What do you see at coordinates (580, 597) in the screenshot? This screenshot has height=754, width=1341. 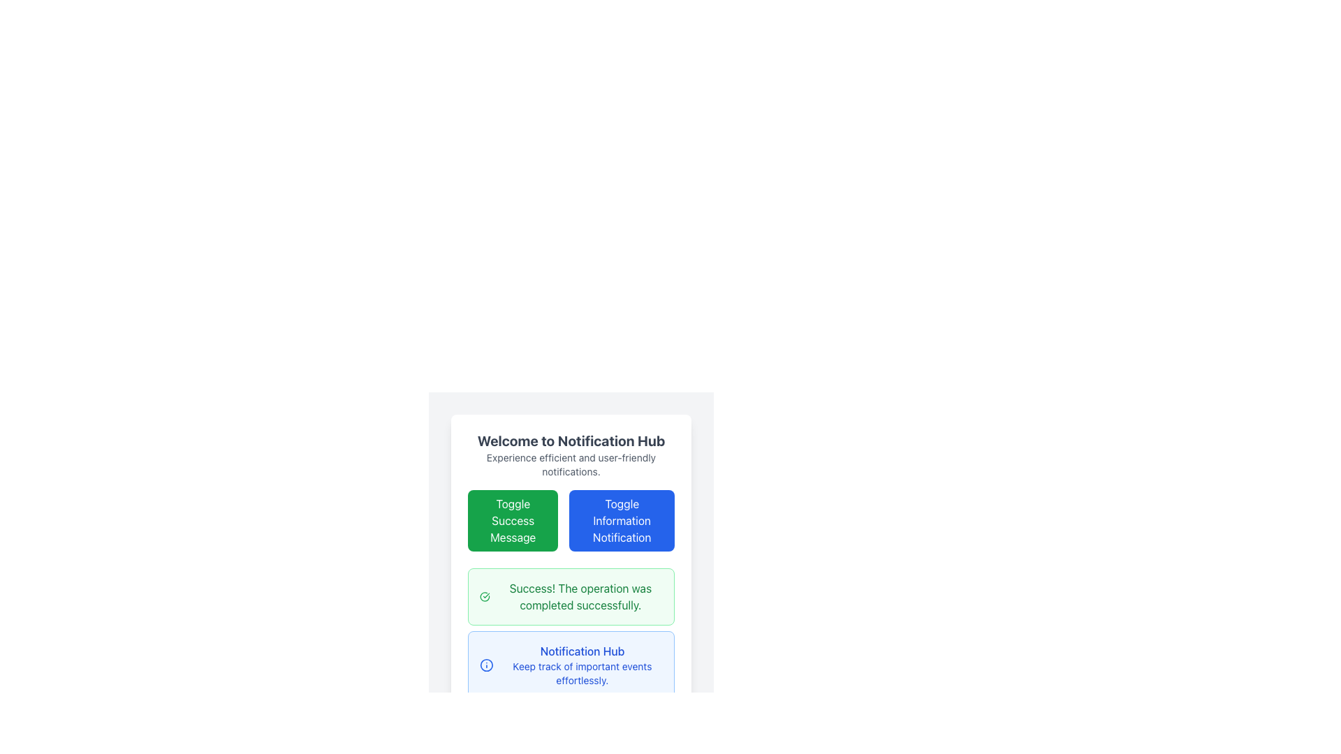 I see `the feedback displayed in the central text of the notification box indicating successful completion of an operation` at bounding box center [580, 597].